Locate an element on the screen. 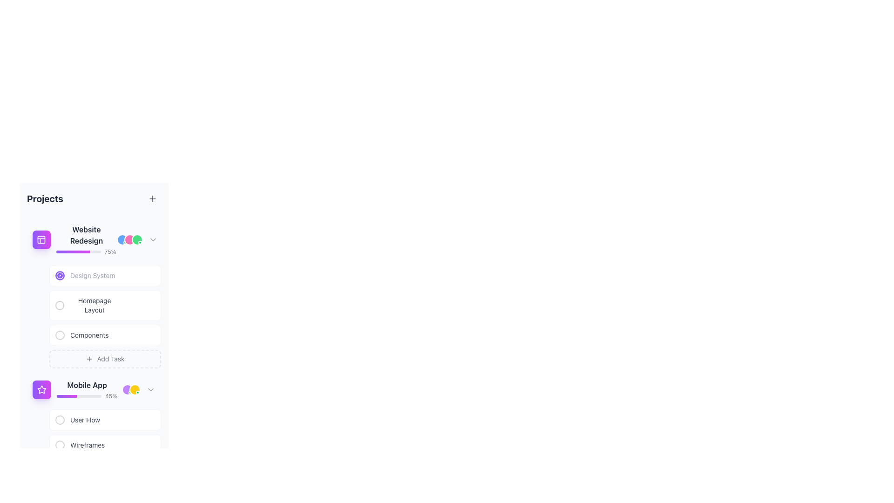 The height and width of the screenshot is (503, 894). the visual completion state of the progress bar labeled '75%' located below the 'Website Redesign' text is located at coordinates (86, 251).